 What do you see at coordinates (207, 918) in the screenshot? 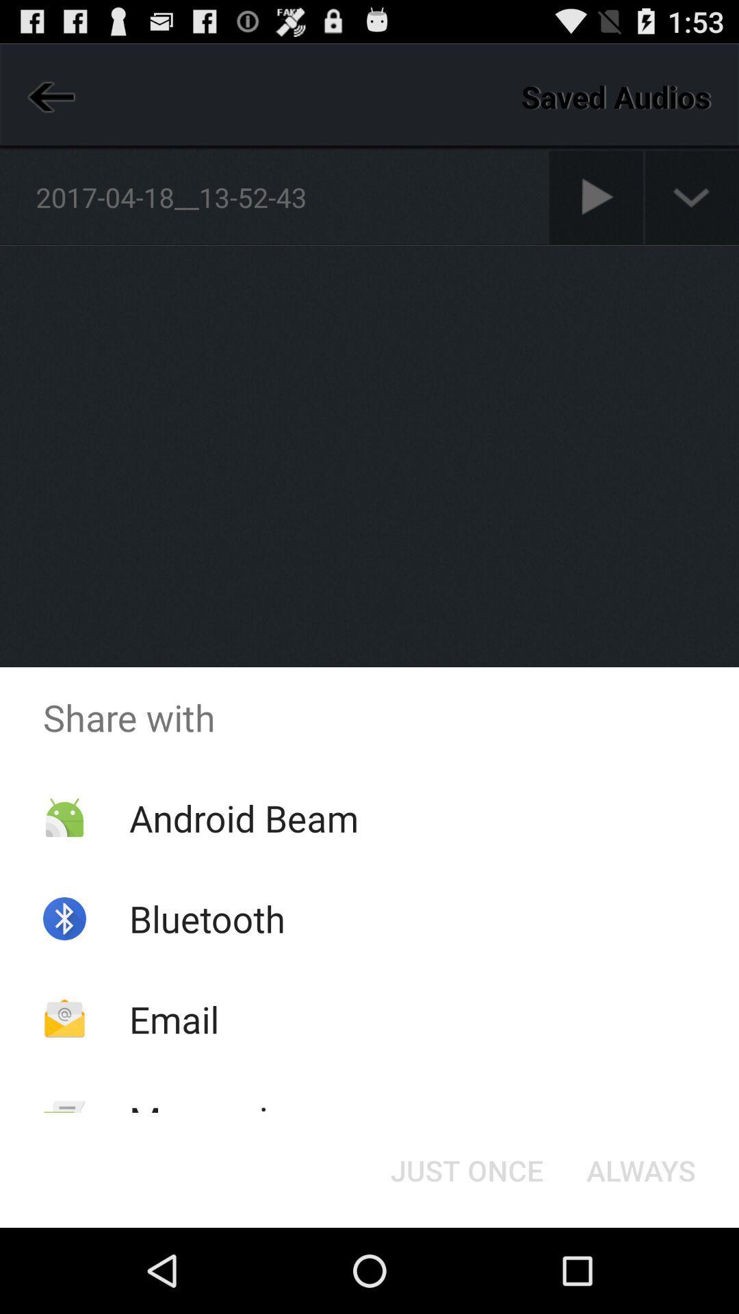
I see `the bluetooth item` at bounding box center [207, 918].